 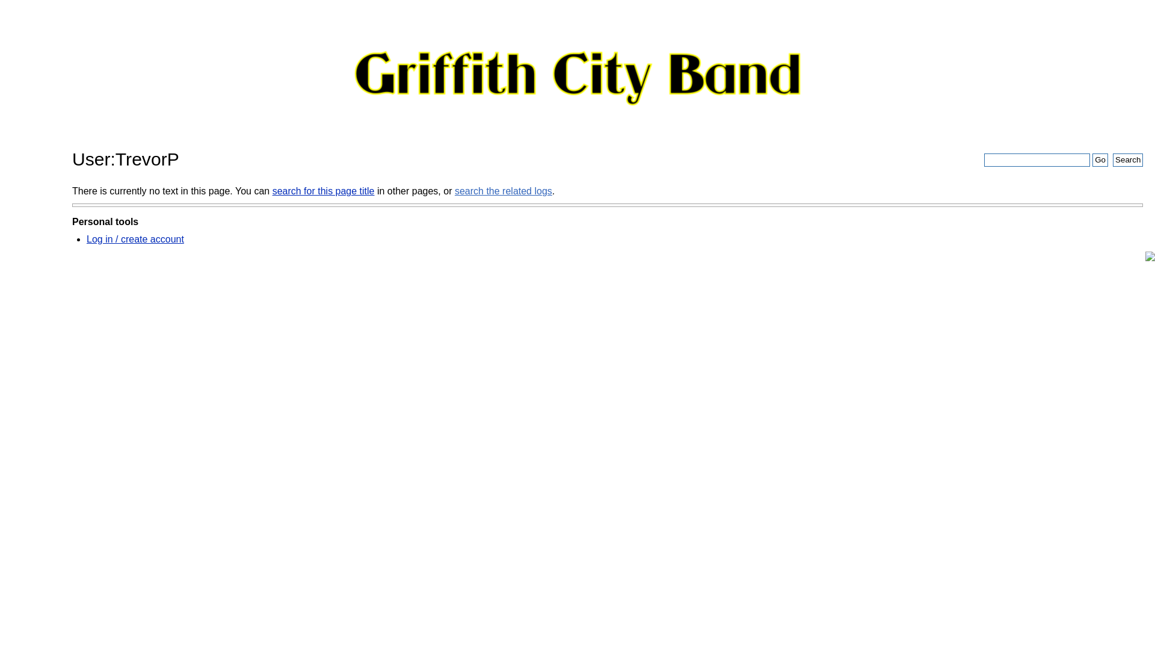 I want to click on 'Go', so click(x=1100, y=159).